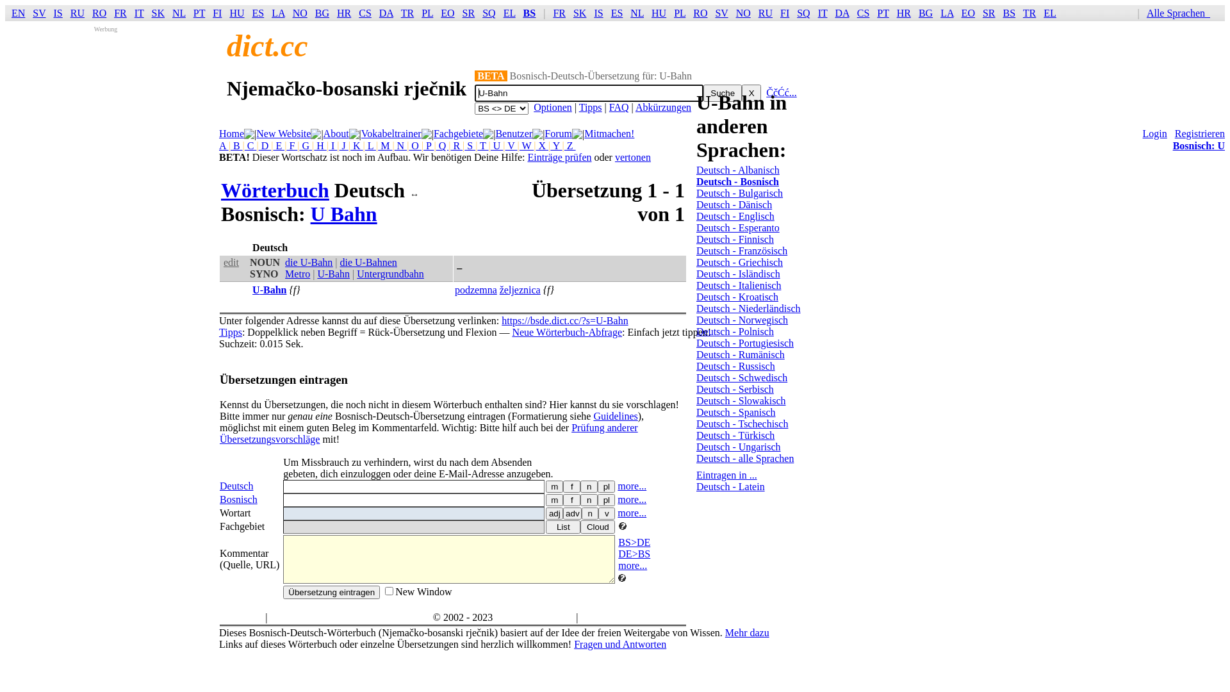  What do you see at coordinates (304, 145) in the screenshot?
I see `'G'` at bounding box center [304, 145].